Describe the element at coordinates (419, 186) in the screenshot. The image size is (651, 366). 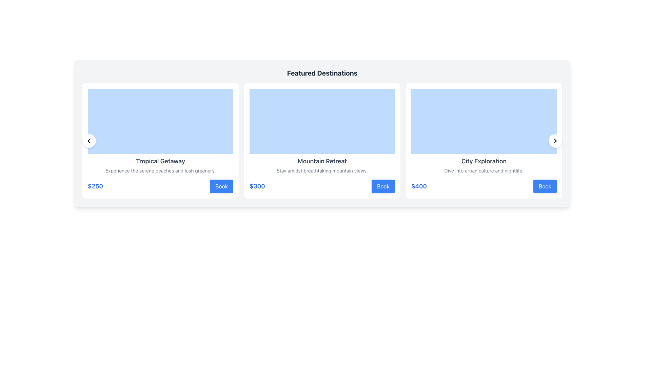
I see `the price Text Label for the 'City Exploration' offering, located in the rightmost card under the 'Featured Destinations' section` at that location.